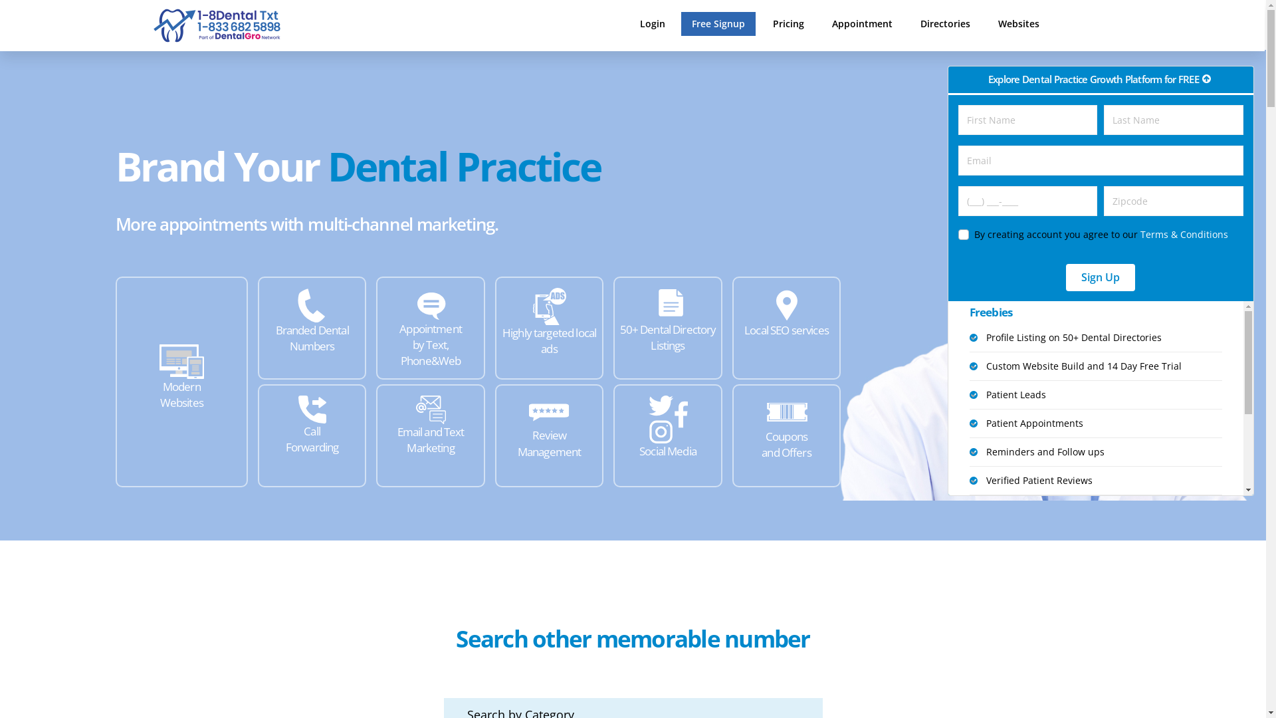  I want to click on 'Coupons, so click(732, 435).